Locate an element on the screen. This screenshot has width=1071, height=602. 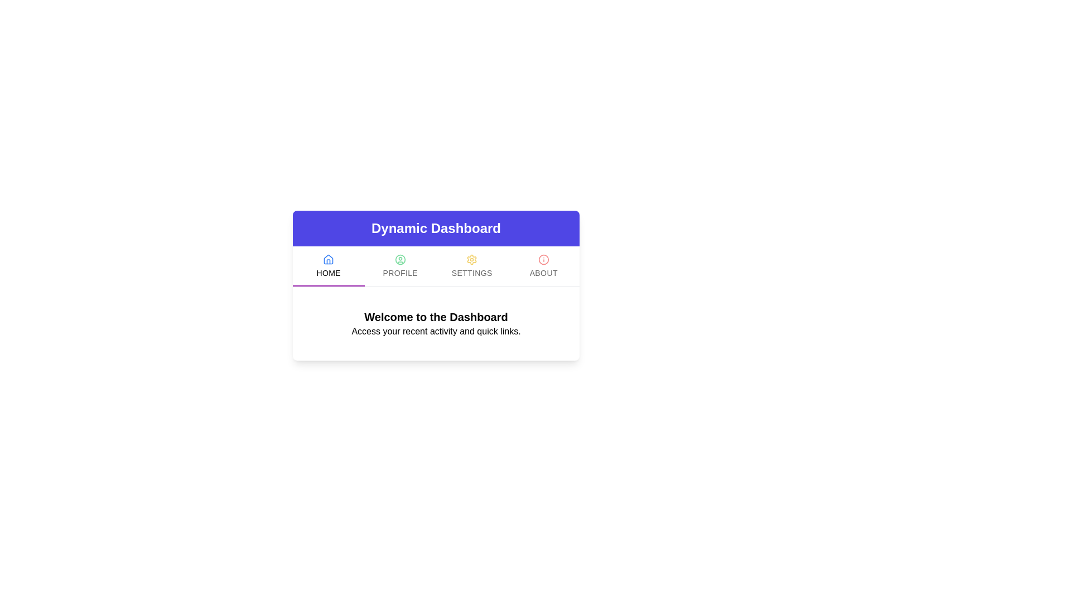
the Text header element that serves as the title for the page, positioned above the navigation bar is located at coordinates (436, 227).